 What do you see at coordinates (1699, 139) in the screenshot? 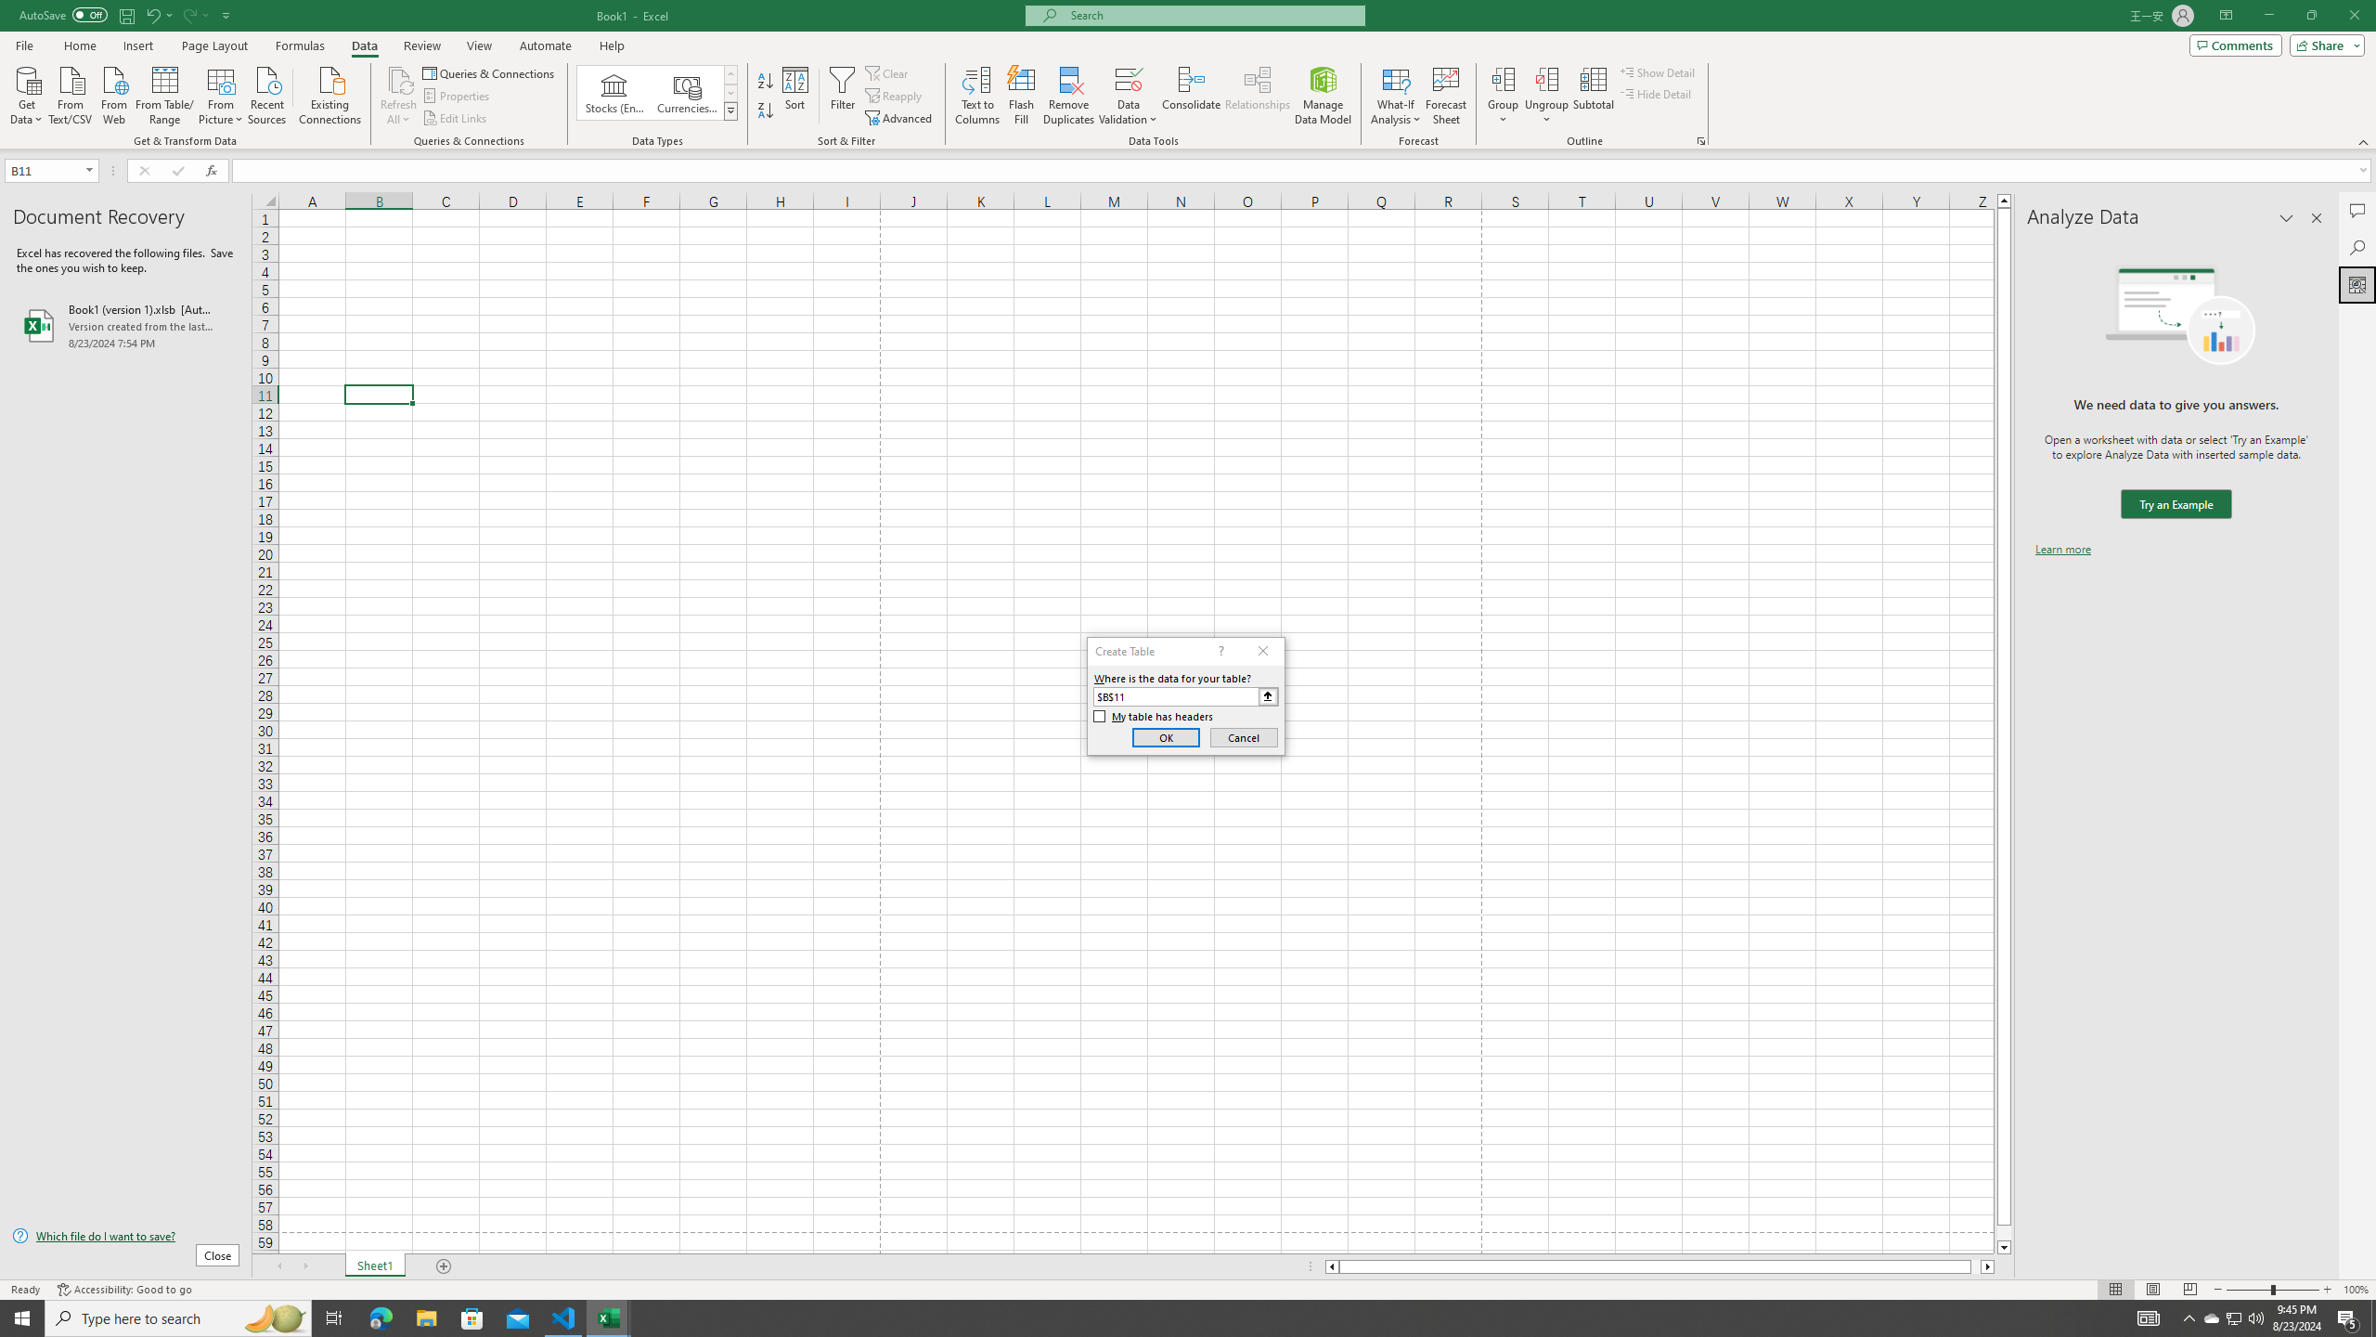
I see `'Group and Outline Settings'` at bounding box center [1699, 139].